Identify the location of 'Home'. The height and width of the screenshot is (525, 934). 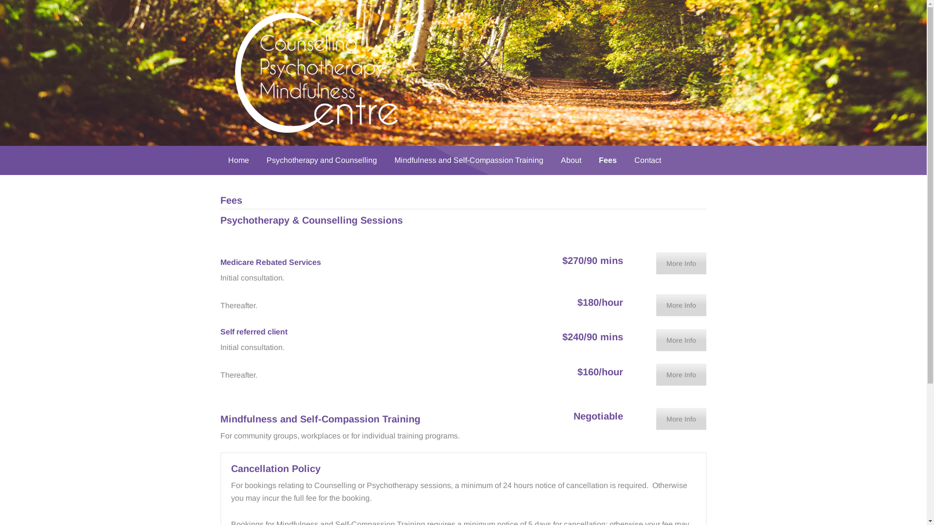
(238, 160).